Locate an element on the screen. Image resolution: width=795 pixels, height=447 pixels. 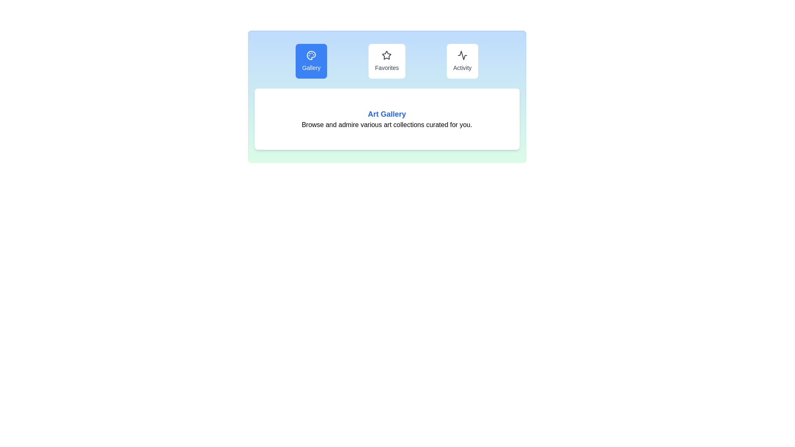
the interactive button labeled Gallery is located at coordinates (311, 60).